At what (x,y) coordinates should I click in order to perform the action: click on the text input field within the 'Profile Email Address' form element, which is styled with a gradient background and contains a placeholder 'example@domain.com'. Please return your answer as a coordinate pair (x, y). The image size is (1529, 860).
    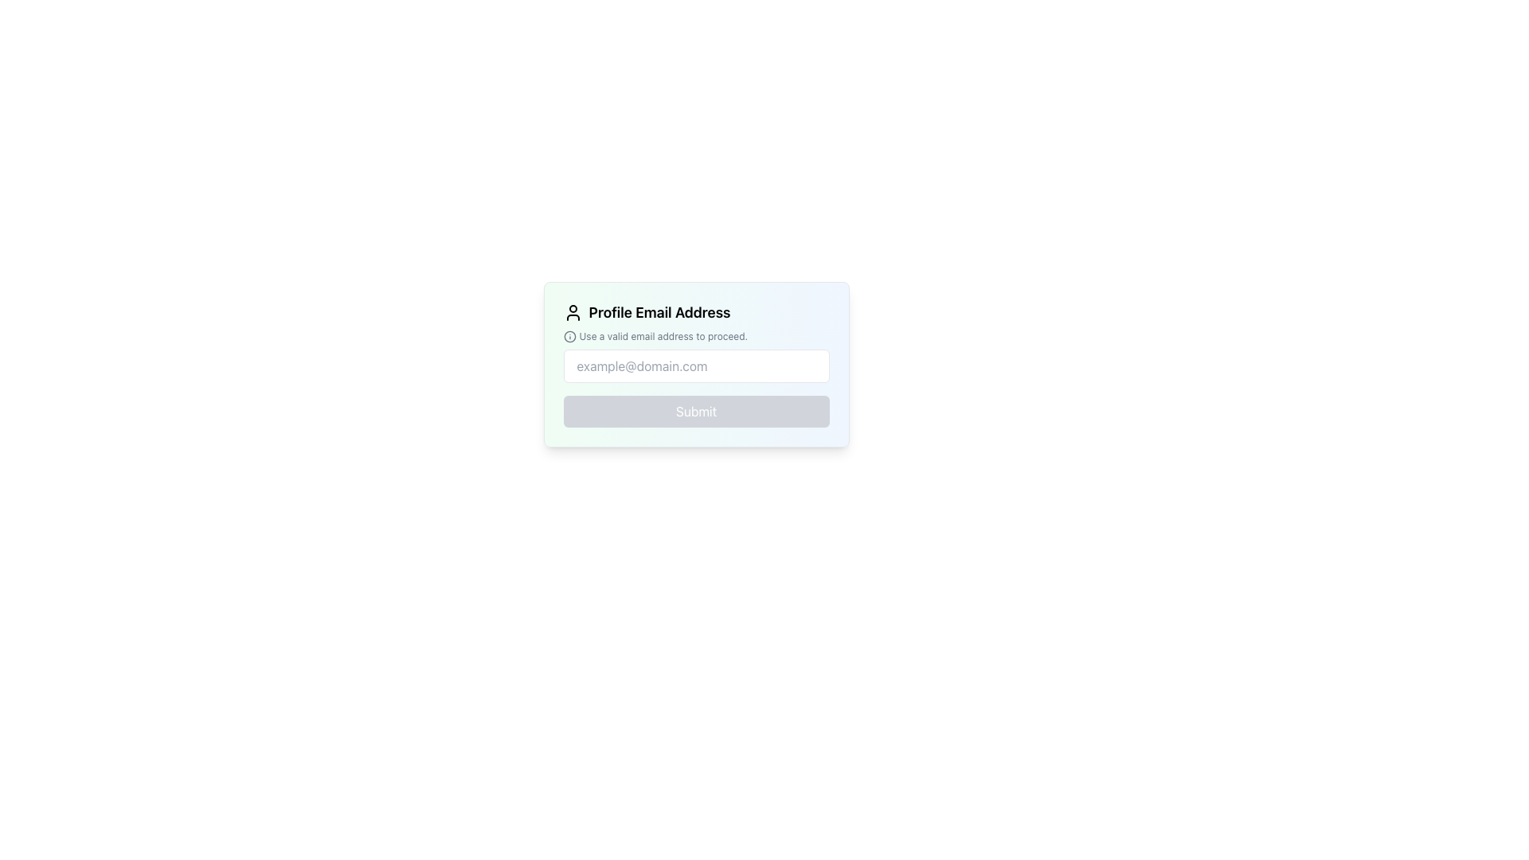
    Looking at the image, I should click on (696, 365).